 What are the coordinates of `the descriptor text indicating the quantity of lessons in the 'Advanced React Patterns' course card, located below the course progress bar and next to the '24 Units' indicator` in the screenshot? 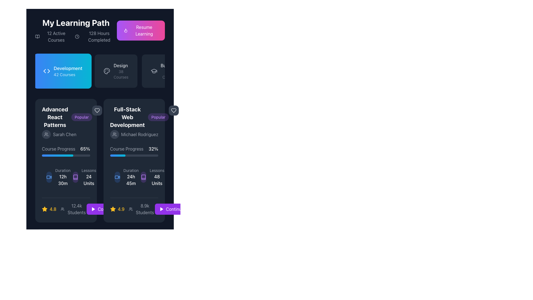 It's located at (89, 170).